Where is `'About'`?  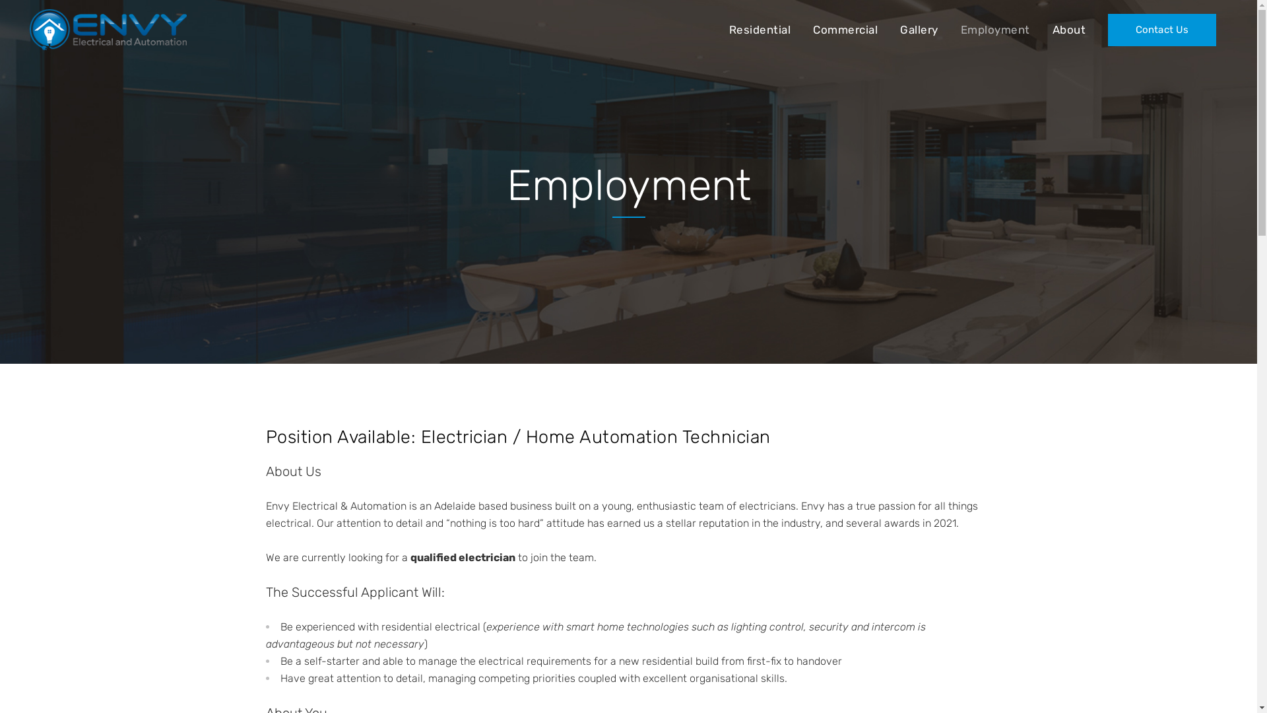 'About' is located at coordinates (1069, 30).